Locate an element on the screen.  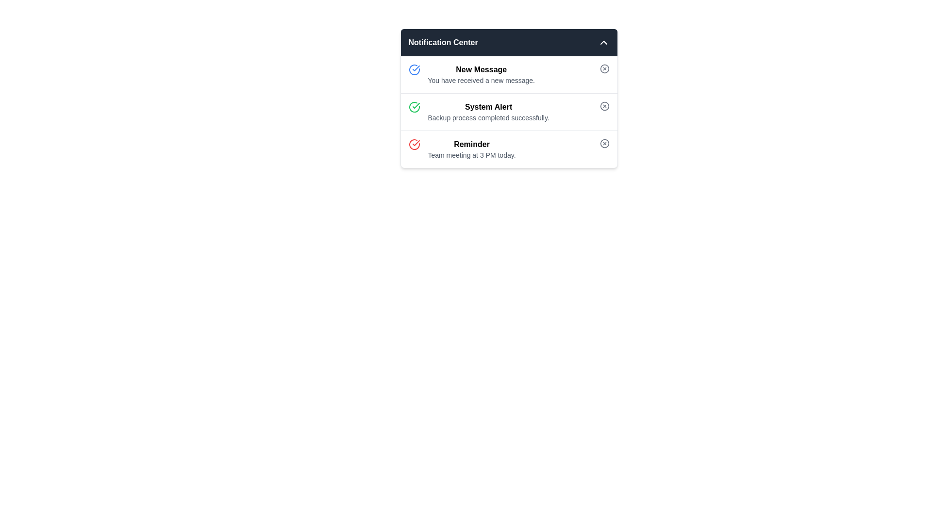
bold text label displaying 'System Alert' located at the top of the notification card in the Notification Center is located at coordinates (488, 107).